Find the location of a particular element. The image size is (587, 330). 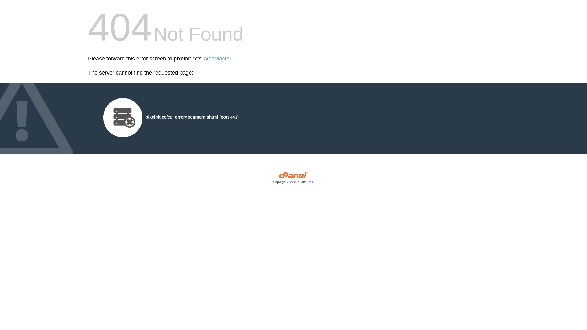

'WebMaster' is located at coordinates (217, 59).